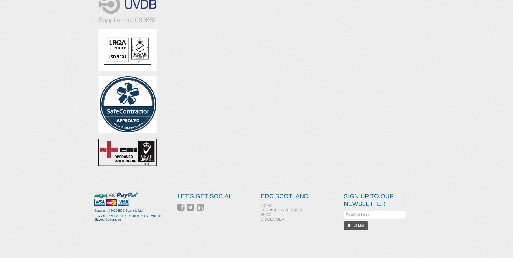 The width and height of the screenshot is (513, 258). I want to click on 'EDC Scotland', so click(260, 196).